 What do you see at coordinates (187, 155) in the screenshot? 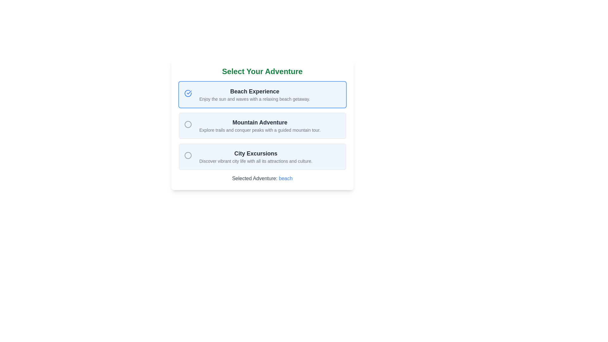
I see `the third circular gray icon with a thin border located to the left of the 'City Excursions' option in the 'Select Your Adventure' selection panel` at bounding box center [187, 155].